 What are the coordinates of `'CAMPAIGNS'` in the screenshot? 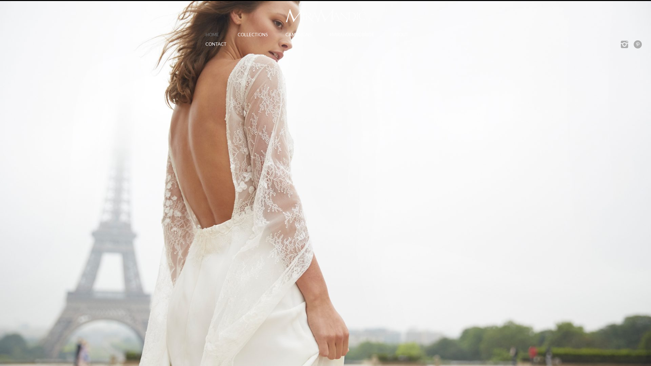 It's located at (298, 35).